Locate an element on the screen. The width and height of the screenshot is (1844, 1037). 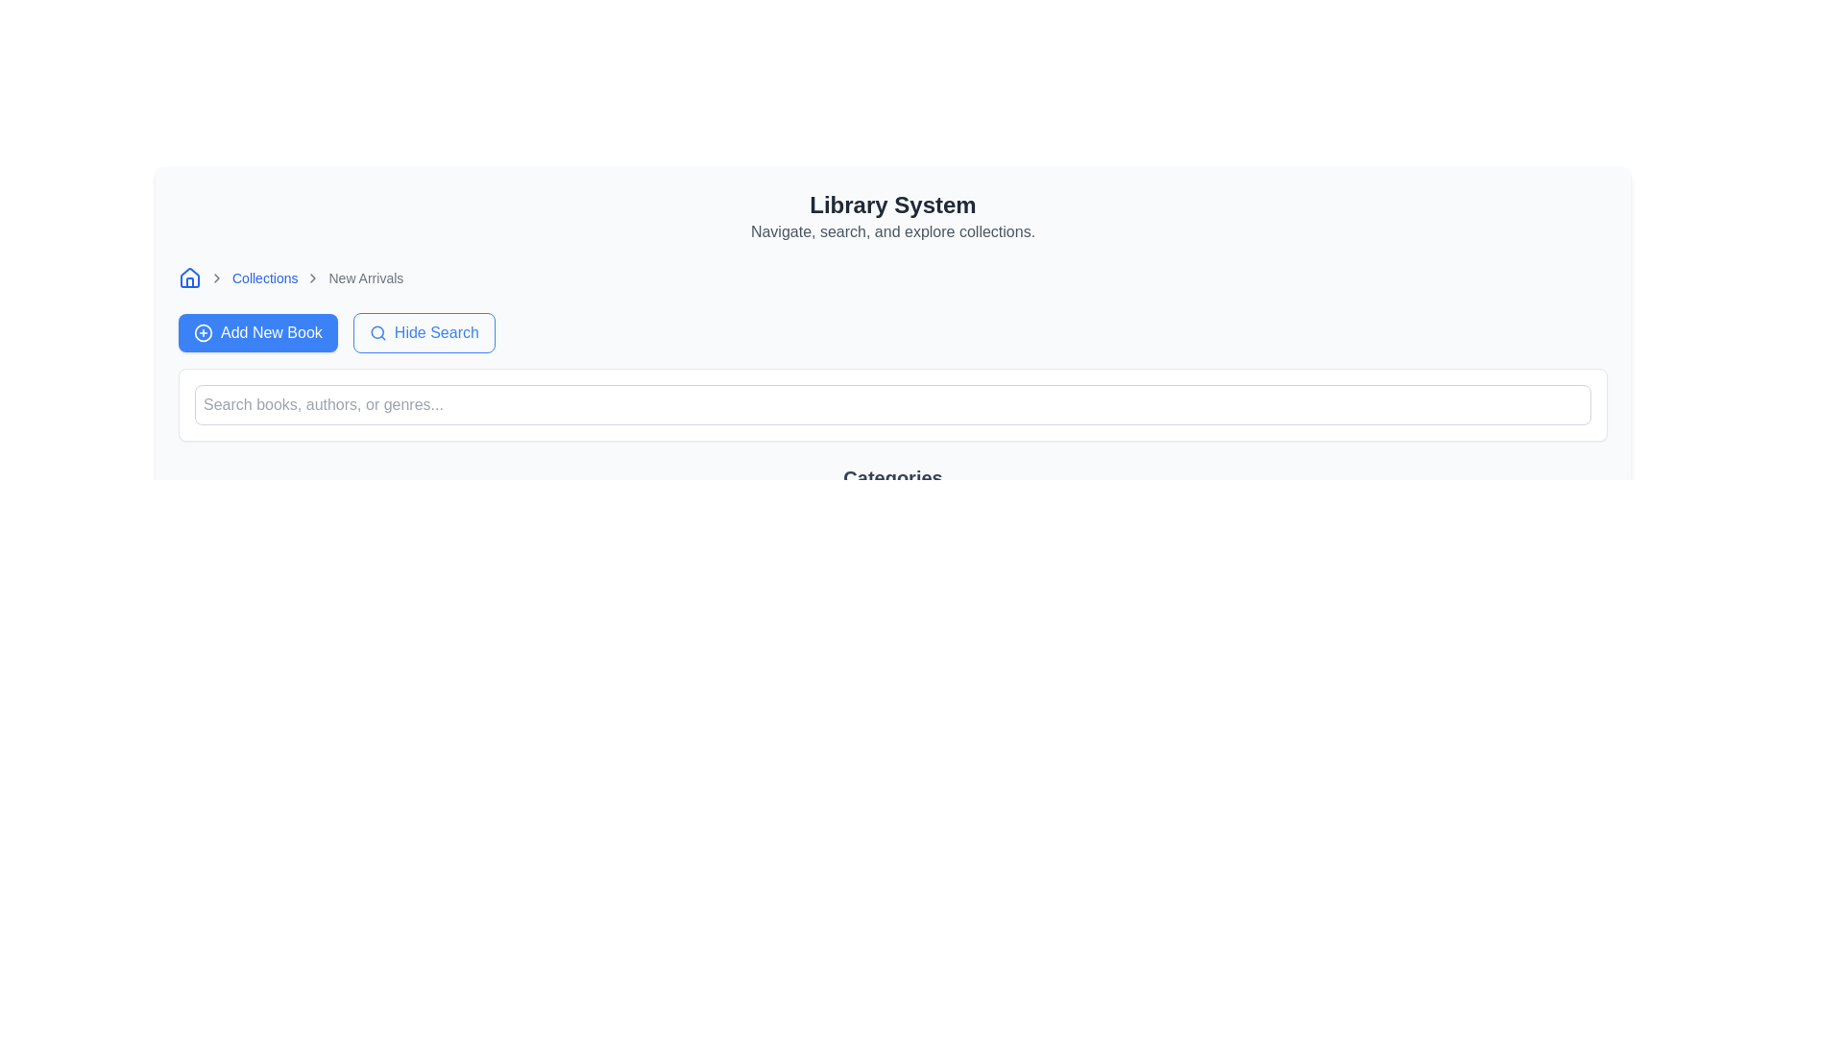
the small, right-pointing chevron icon located in the breadcrumb navigation between the 'Collections' text and 'New Arrivals' text is located at coordinates (216, 277).